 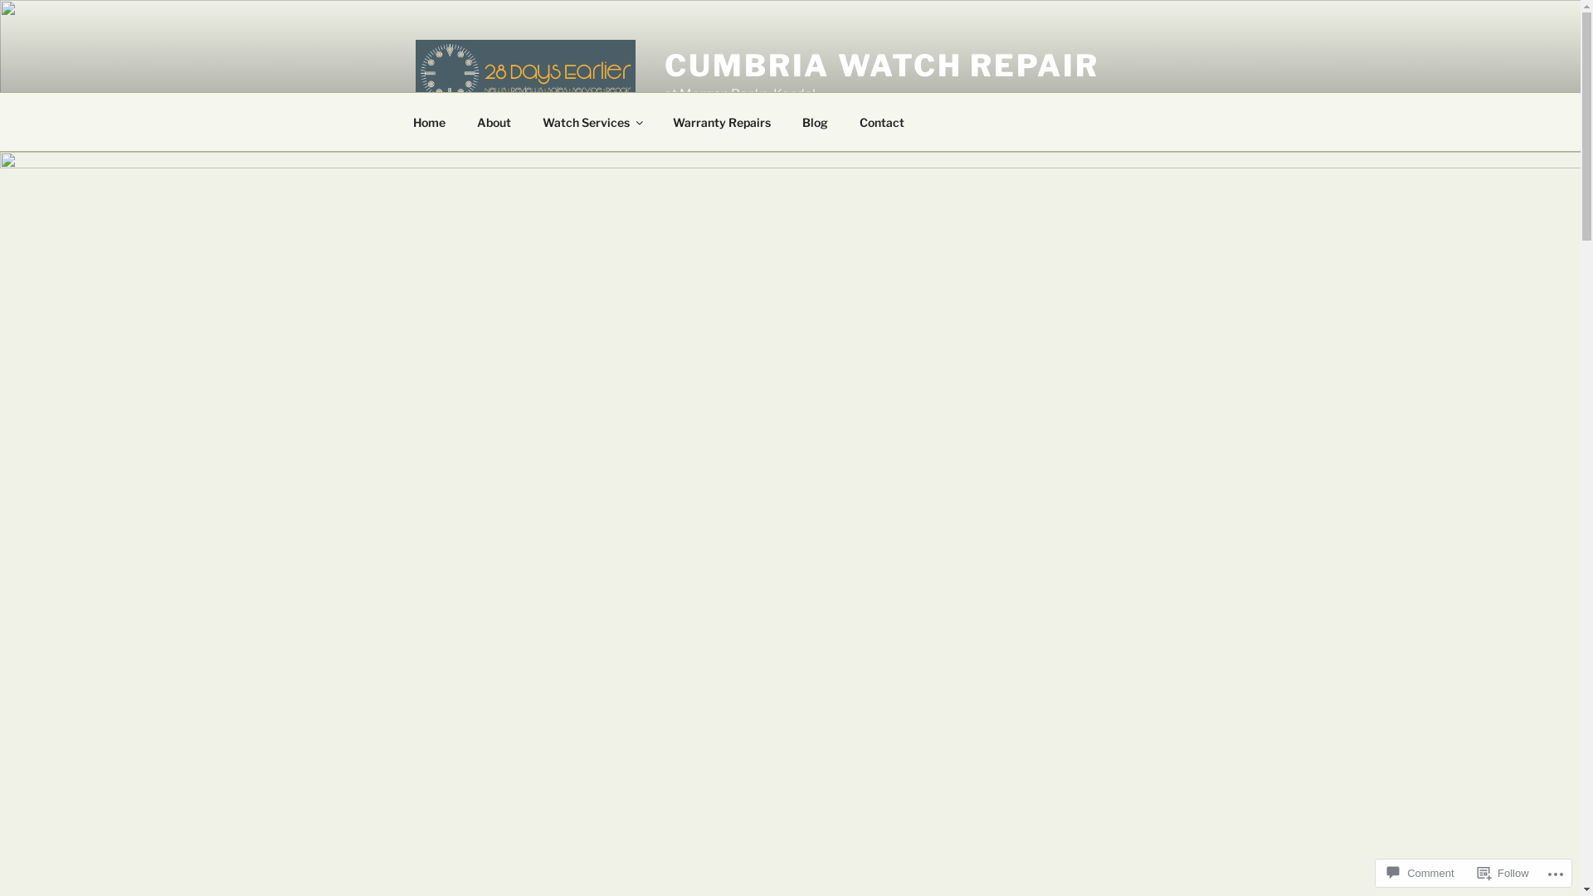 What do you see at coordinates (493, 120) in the screenshot?
I see `'About'` at bounding box center [493, 120].